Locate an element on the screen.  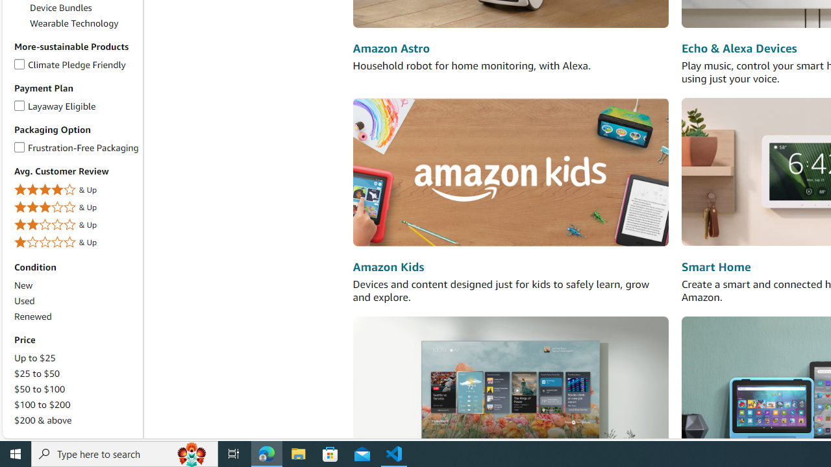
'$50 to $100' is located at coordinates (75, 388).